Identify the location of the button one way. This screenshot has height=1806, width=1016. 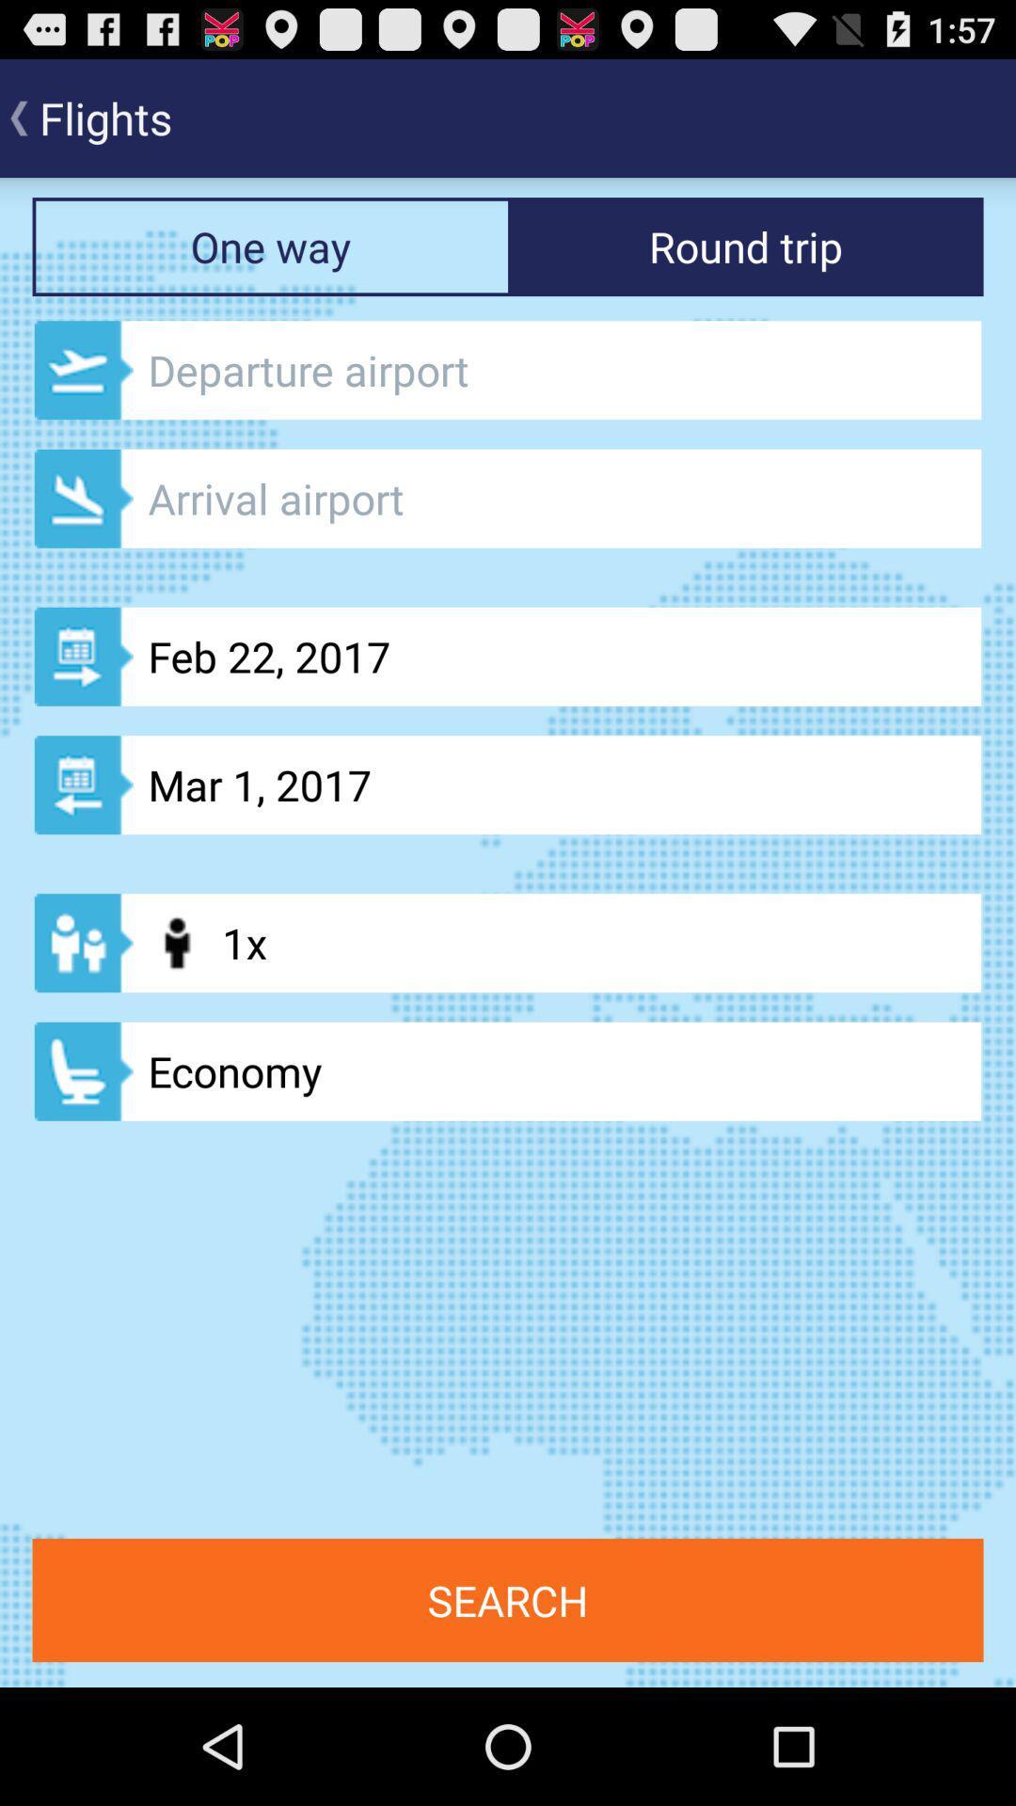
(270, 246).